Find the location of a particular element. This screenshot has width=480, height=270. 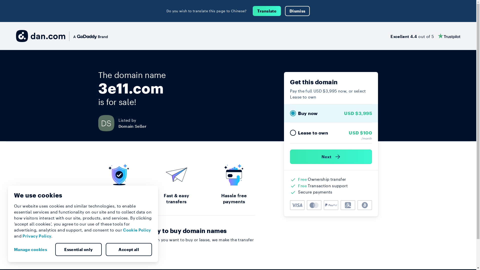

'Excellent 4.4 out of 5' is located at coordinates (390, 35).